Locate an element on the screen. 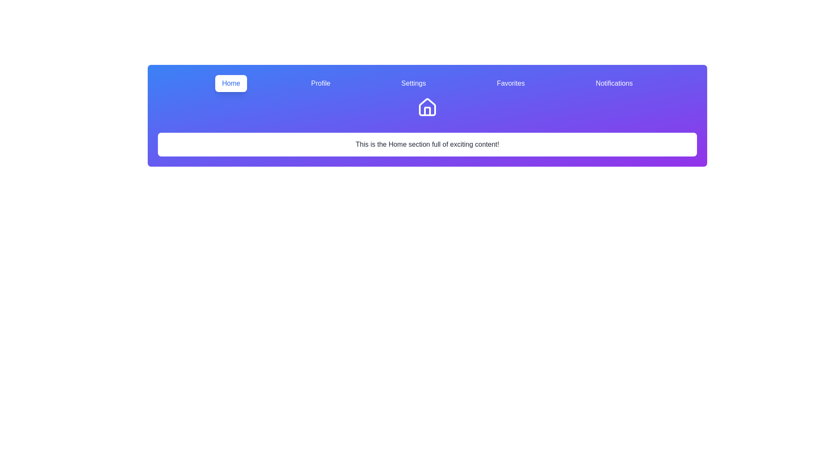  the text label that reads 'This is the Home section full of exciting content!' which is displayed in dark gray on a white background, located below the blue-purple gradient navigation bar is located at coordinates (427, 144).